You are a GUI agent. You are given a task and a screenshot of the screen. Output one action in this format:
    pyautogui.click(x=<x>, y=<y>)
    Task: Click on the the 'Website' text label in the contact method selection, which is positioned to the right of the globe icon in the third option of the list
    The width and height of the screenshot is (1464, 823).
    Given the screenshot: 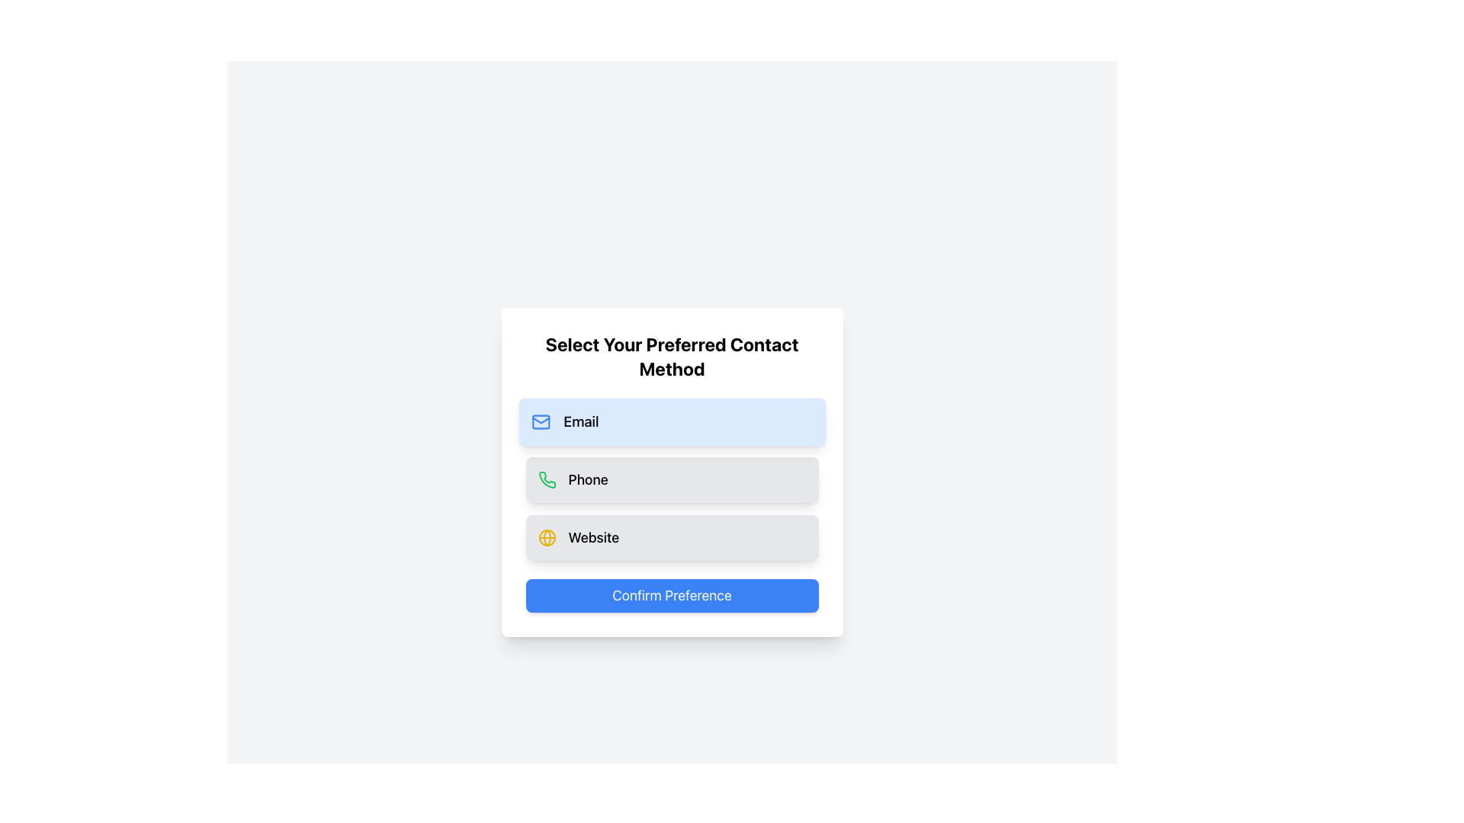 What is the action you would take?
    pyautogui.click(x=592, y=536)
    